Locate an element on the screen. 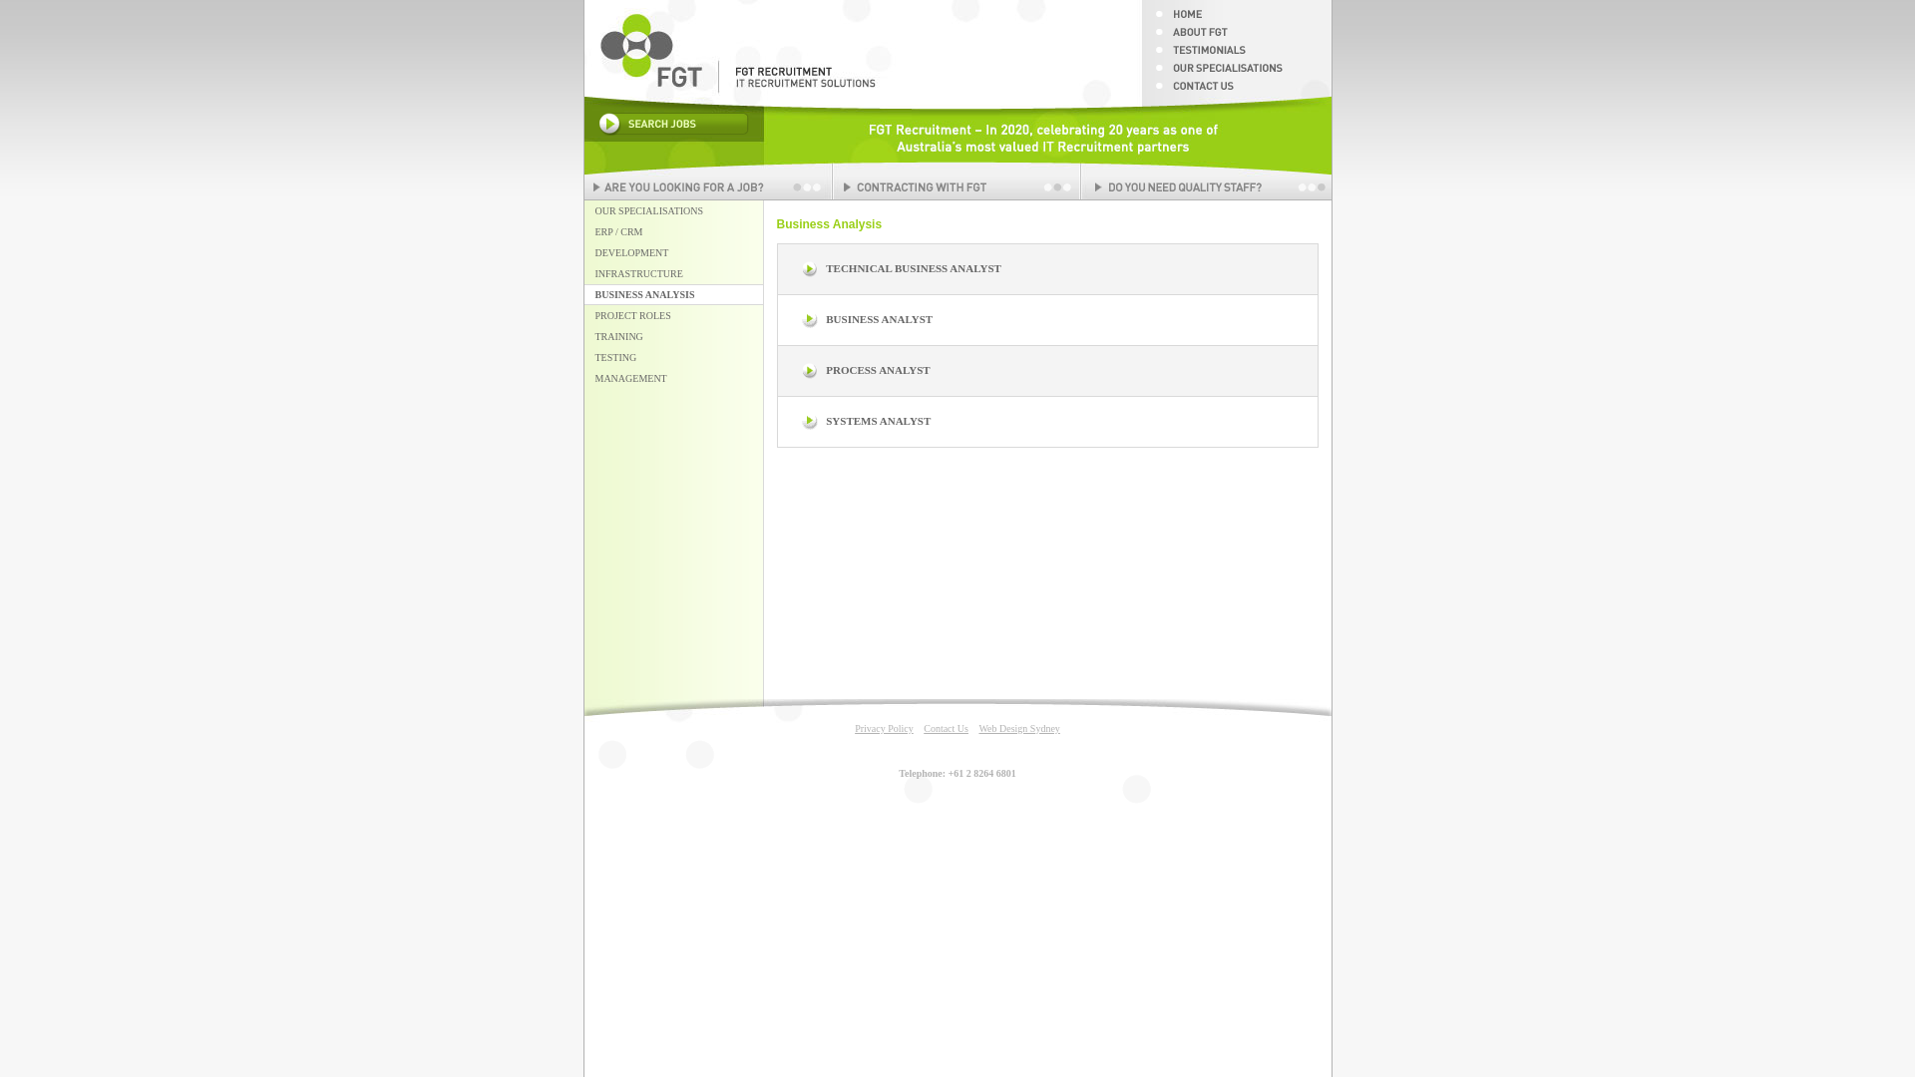 The image size is (1915, 1077). 'BUSINESS ANALYSIS' is located at coordinates (674, 294).